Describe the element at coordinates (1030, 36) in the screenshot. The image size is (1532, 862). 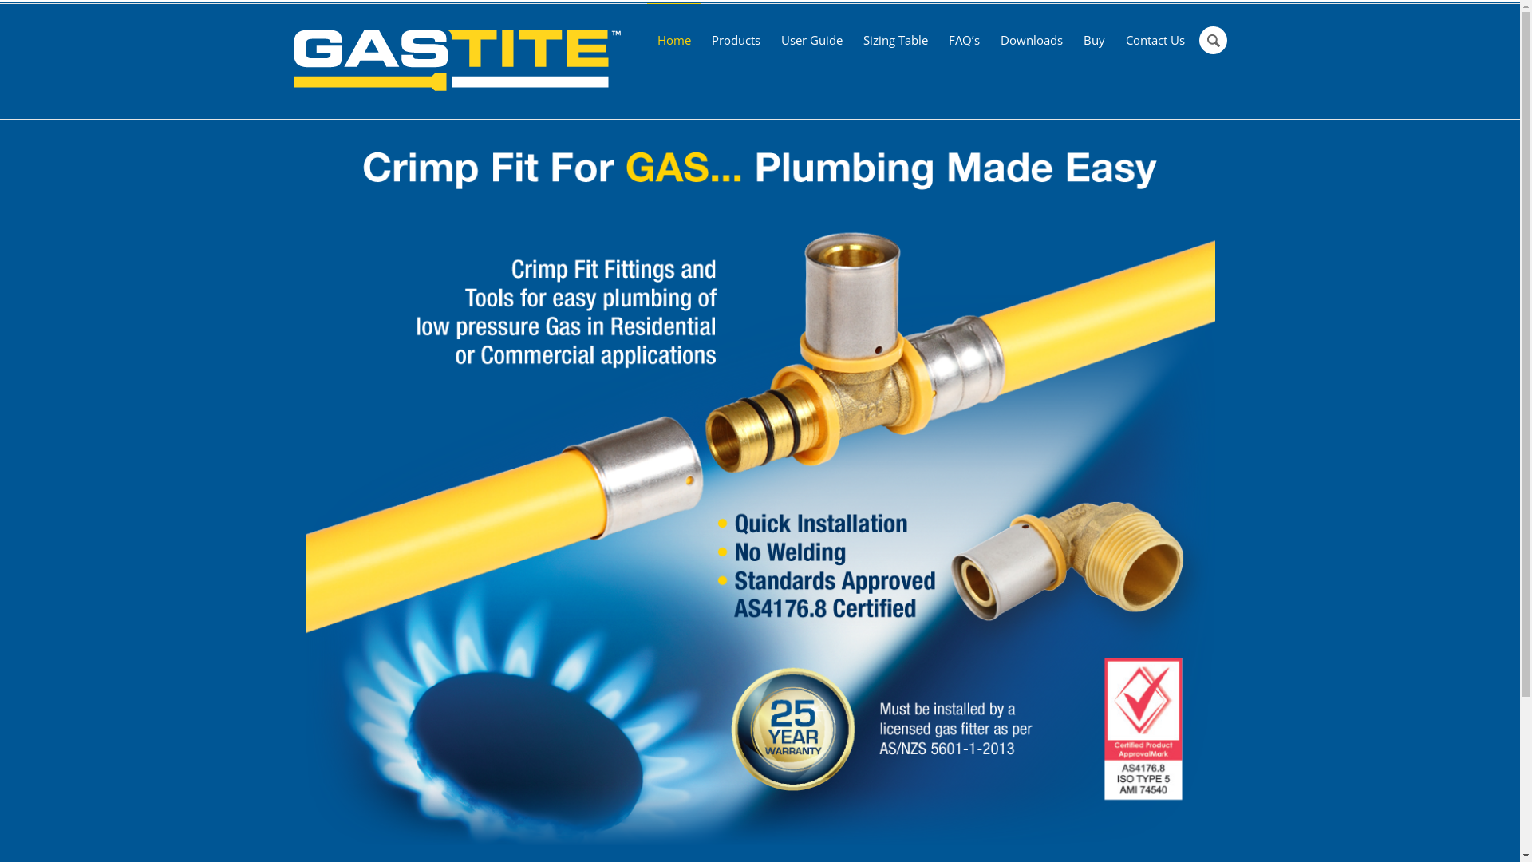
I see `'Downloads'` at that location.